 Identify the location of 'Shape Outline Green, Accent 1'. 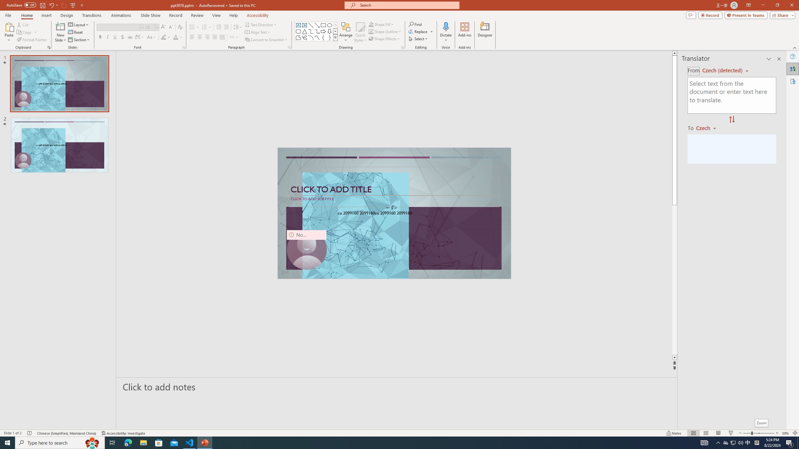
(371, 31).